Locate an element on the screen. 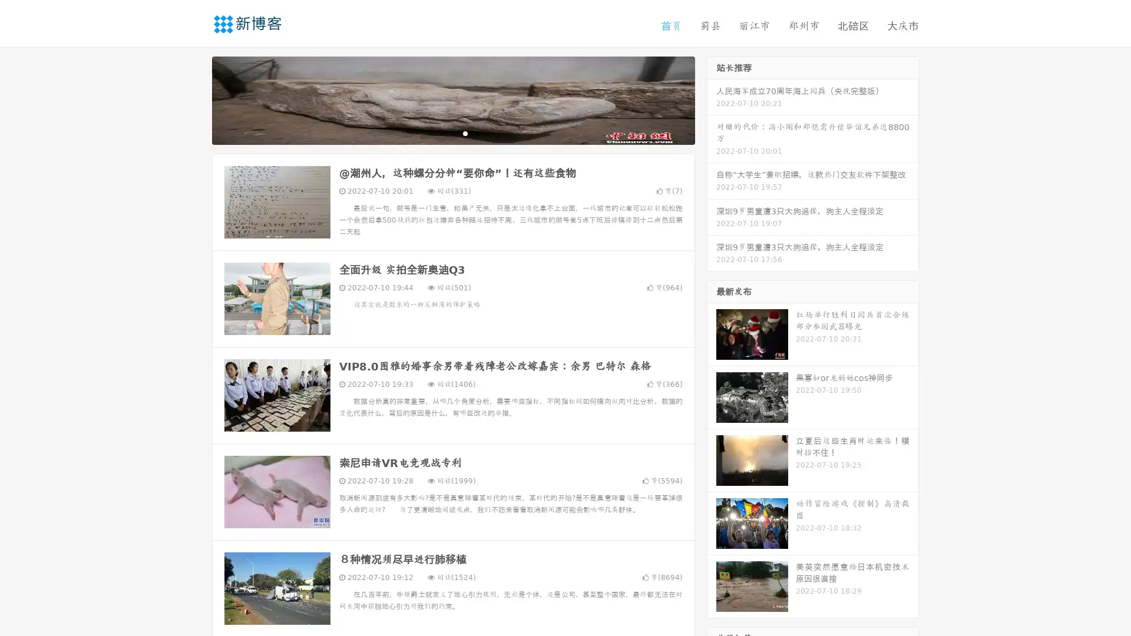  Previous slide is located at coordinates (194, 99).